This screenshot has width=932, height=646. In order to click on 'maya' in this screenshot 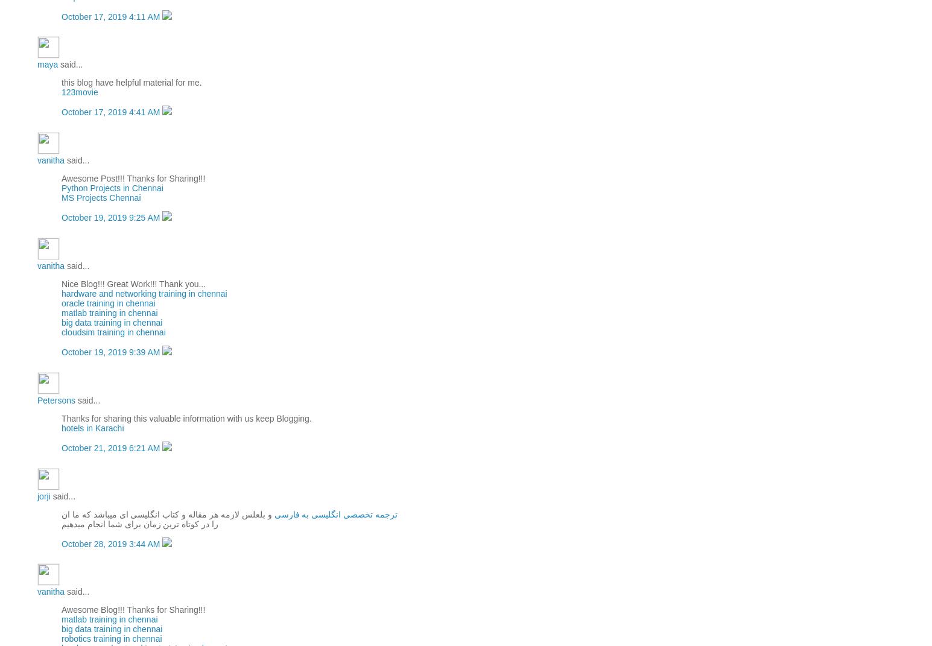, I will do `click(46, 64)`.